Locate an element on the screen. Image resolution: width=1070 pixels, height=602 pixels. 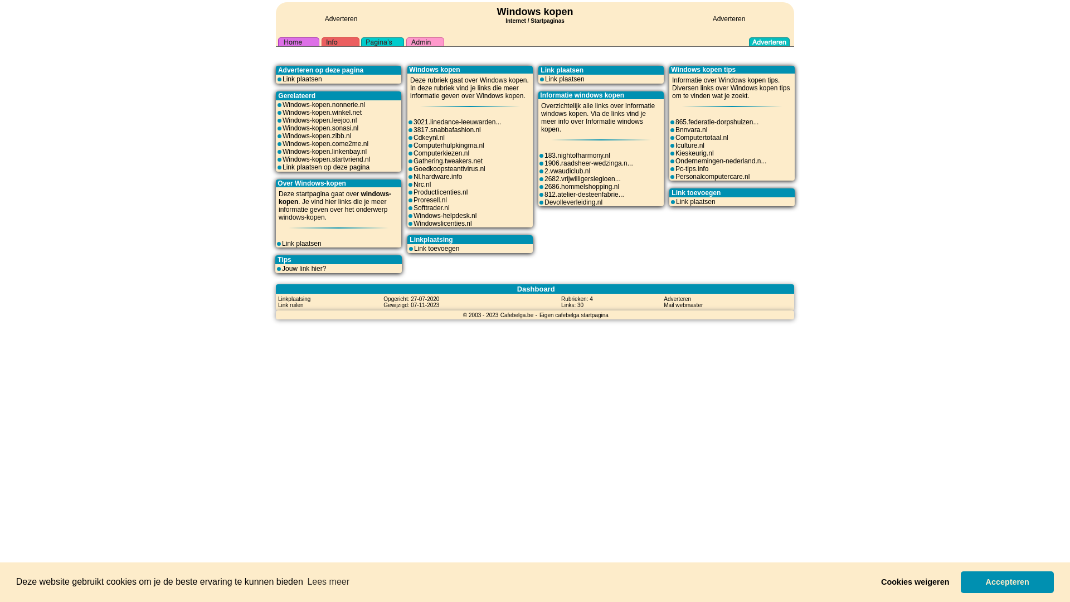
'Link ruilen' is located at coordinates (291, 305).